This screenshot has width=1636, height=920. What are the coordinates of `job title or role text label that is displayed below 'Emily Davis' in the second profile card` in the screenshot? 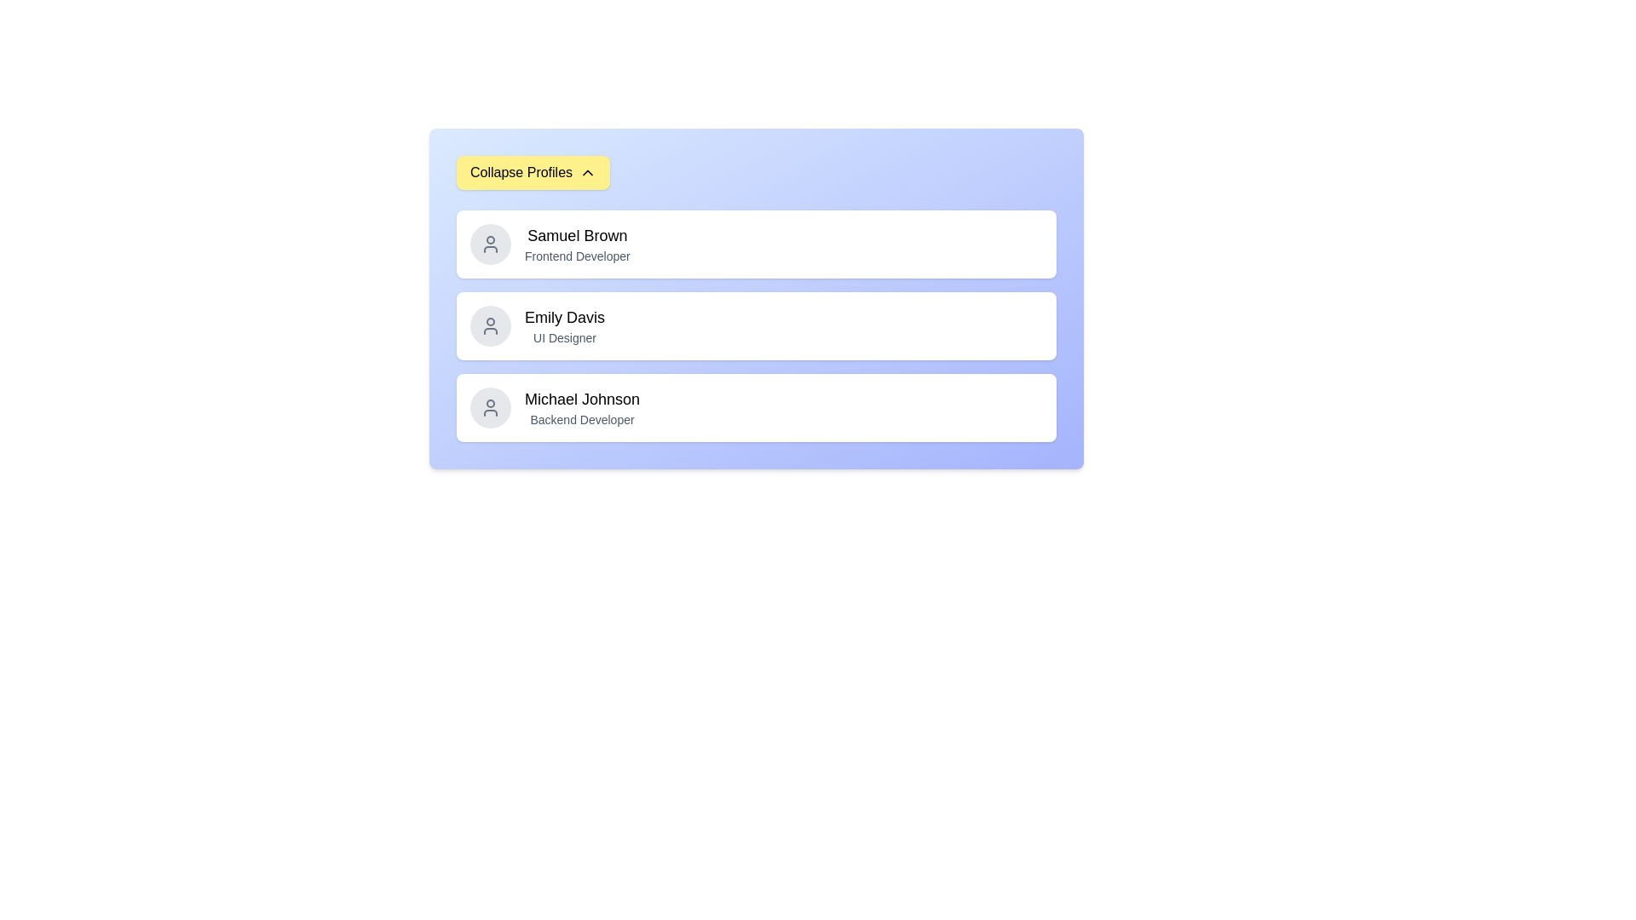 It's located at (564, 338).